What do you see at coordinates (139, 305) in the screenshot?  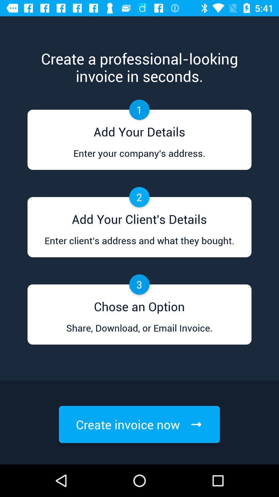 I see `item below the enter client s icon` at bounding box center [139, 305].